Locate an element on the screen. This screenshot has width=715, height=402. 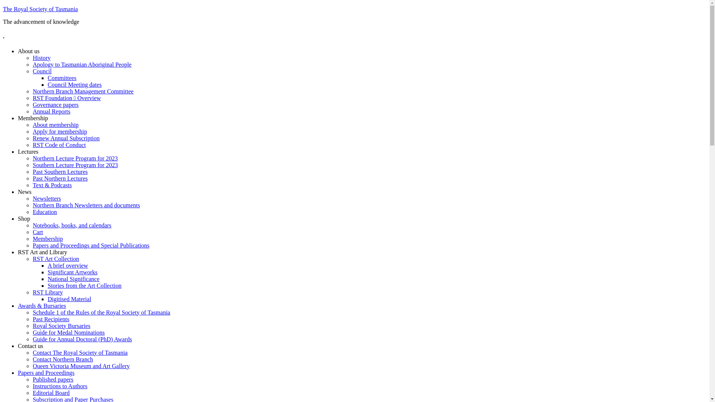
'Queen Victoria Museum and Art Gallery' is located at coordinates (81, 366).